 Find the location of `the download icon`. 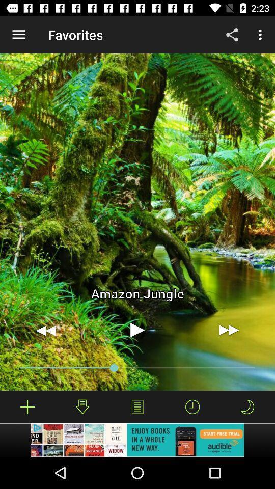

the download icon is located at coordinates (82, 406).